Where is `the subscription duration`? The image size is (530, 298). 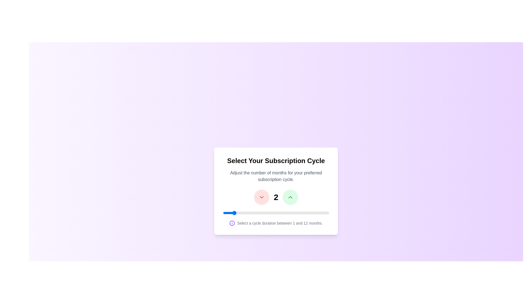 the subscription duration is located at coordinates (310, 212).